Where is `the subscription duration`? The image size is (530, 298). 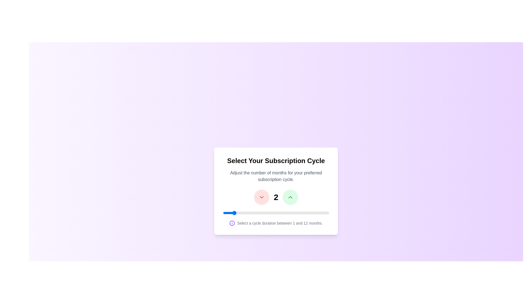 the subscription duration is located at coordinates (310, 212).